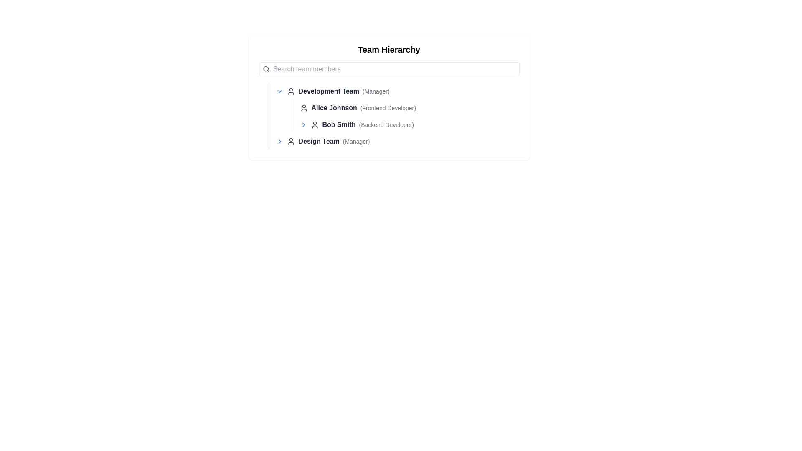  Describe the element at coordinates (406, 107) in the screenshot. I see `the list item displaying 'Alice Johnson (Frontend Developer)' to highlight it` at that location.